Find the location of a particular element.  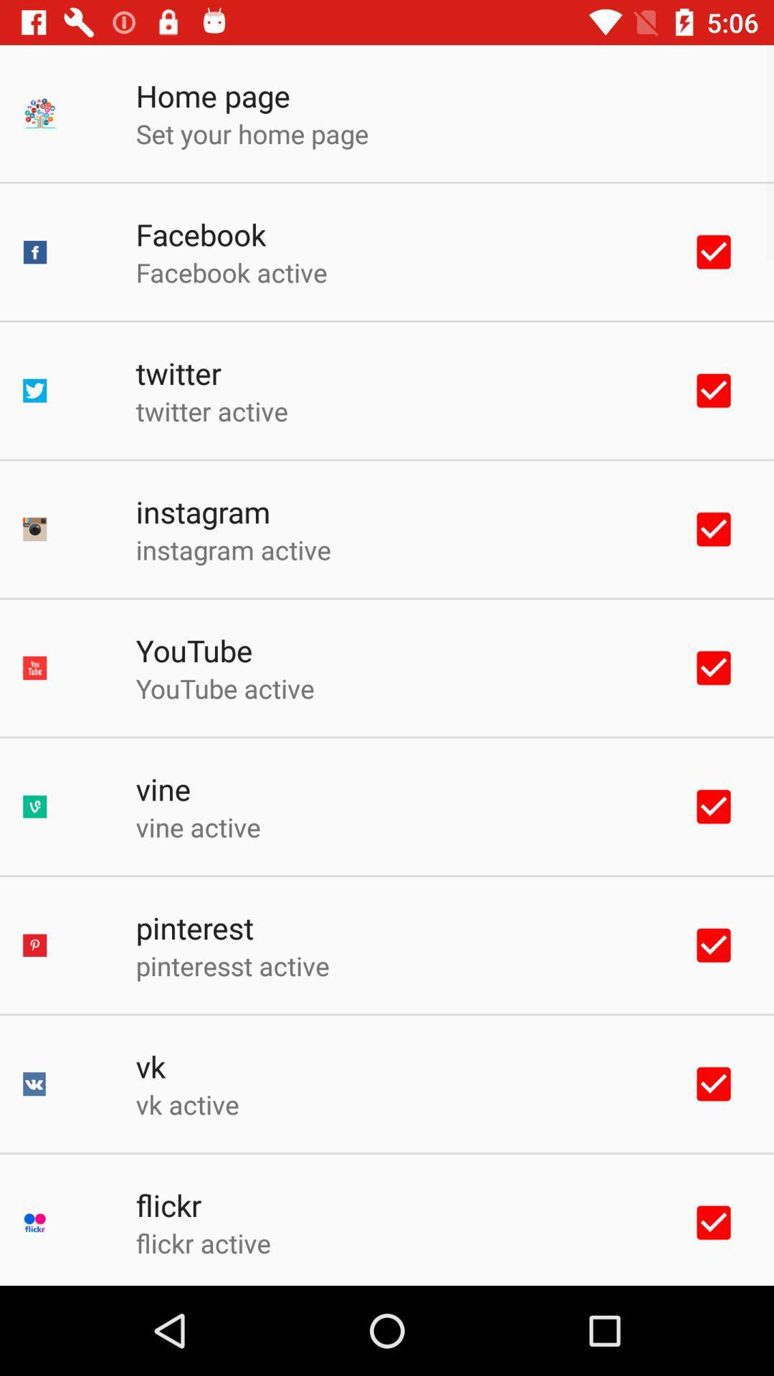

app below the instagram is located at coordinates (232, 549).